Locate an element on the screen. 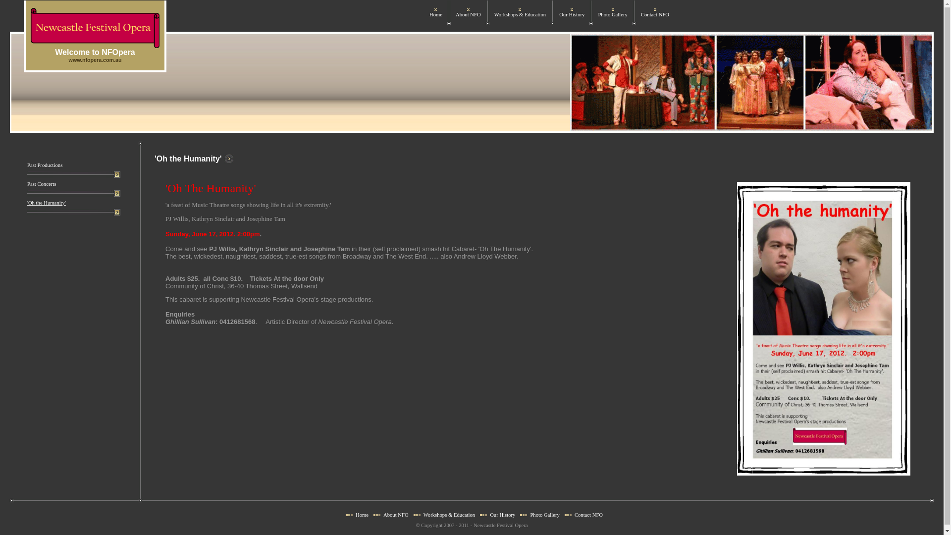  'Contact NFO' is located at coordinates (588, 514).